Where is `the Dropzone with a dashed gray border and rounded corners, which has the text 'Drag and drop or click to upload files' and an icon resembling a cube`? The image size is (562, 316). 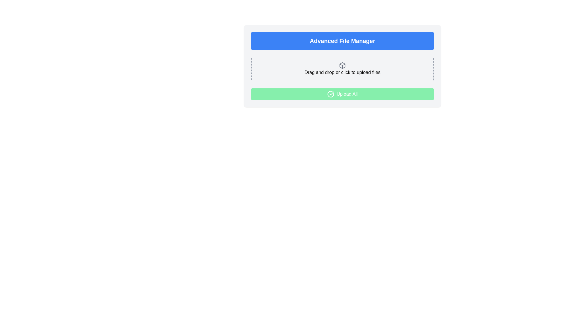
the Dropzone with a dashed gray border and rounded corners, which has the text 'Drag and drop or click to upload files' and an icon resembling a cube is located at coordinates (342, 68).